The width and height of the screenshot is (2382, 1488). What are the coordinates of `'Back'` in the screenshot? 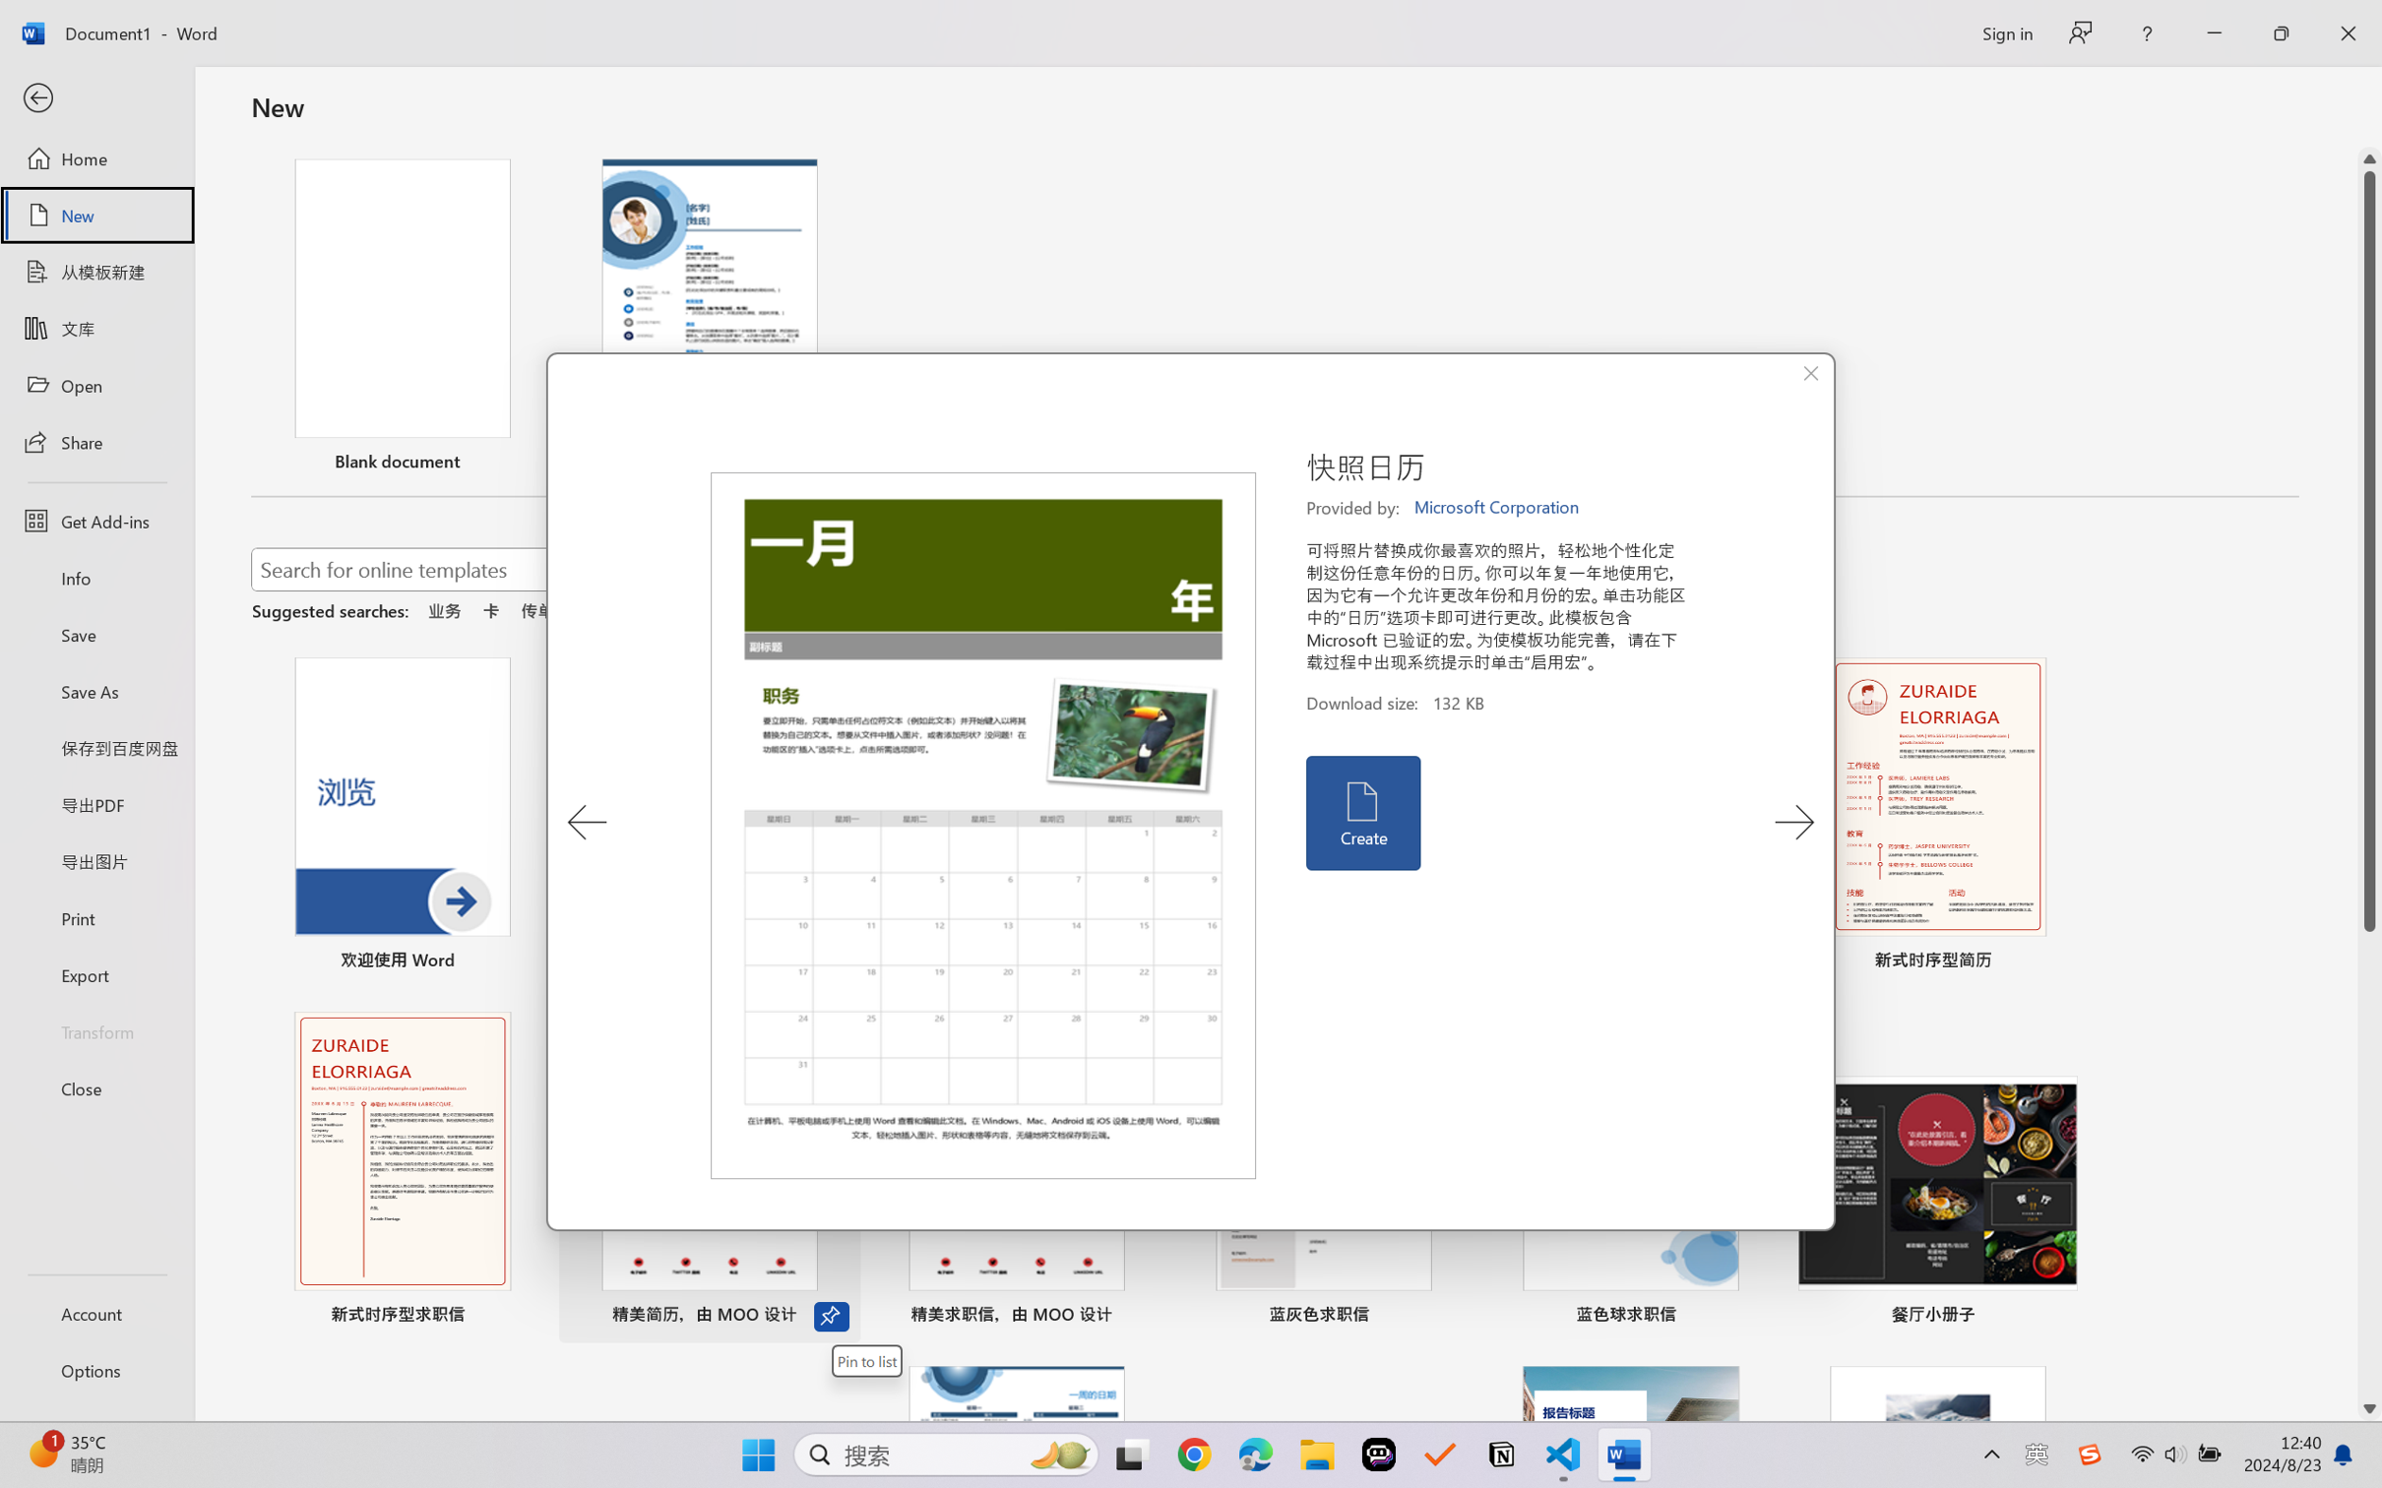 It's located at (95, 98).